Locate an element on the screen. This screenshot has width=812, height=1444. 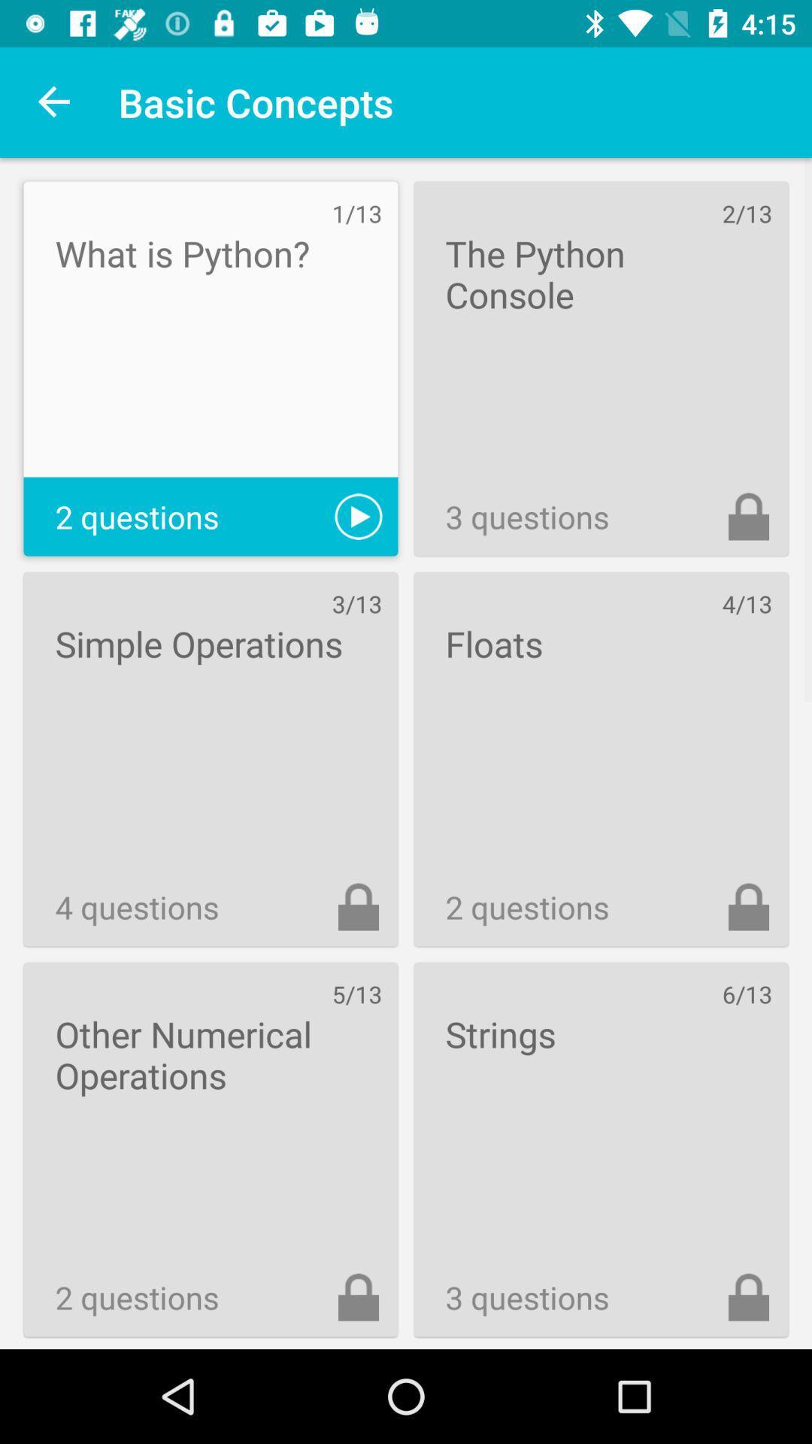
the item next to the basic concepts icon is located at coordinates (54, 102).